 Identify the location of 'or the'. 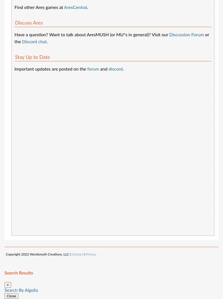
(14, 38).